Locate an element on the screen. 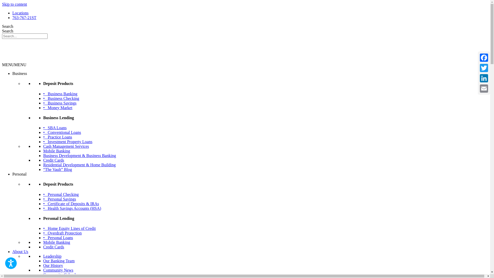 Image resolution: width=494 pixels, height=278 pixels. 'Email' is located at coordinates (479, 88).